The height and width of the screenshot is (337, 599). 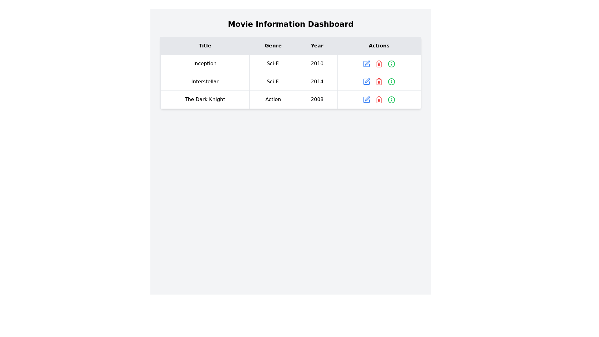 I want to click on the SVG graphic element (circle) located, so click(x=391, y=81).